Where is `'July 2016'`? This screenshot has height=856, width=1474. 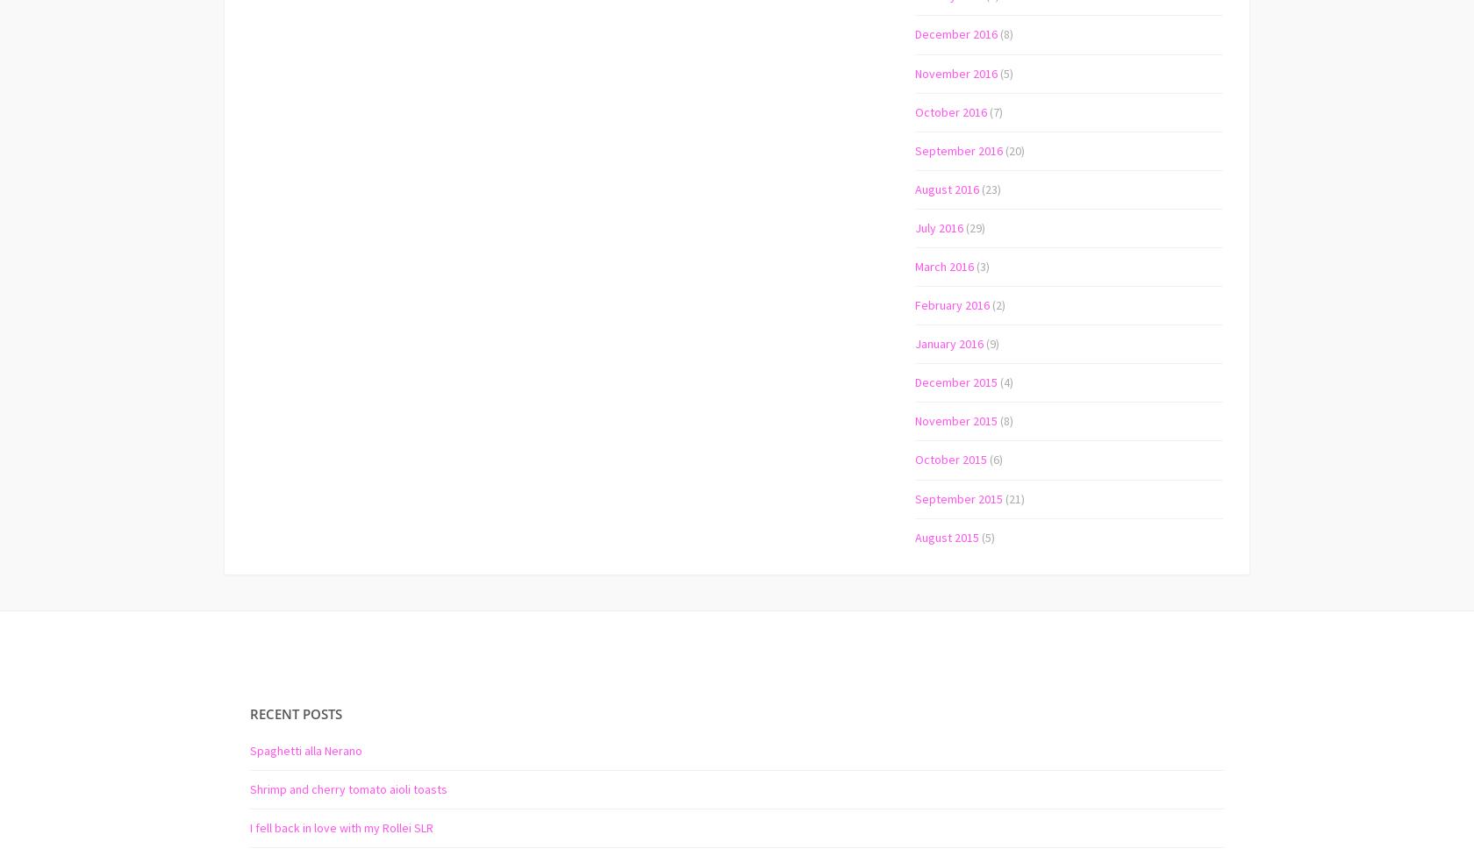
'July 2016' is located at coordinates (939, 227).